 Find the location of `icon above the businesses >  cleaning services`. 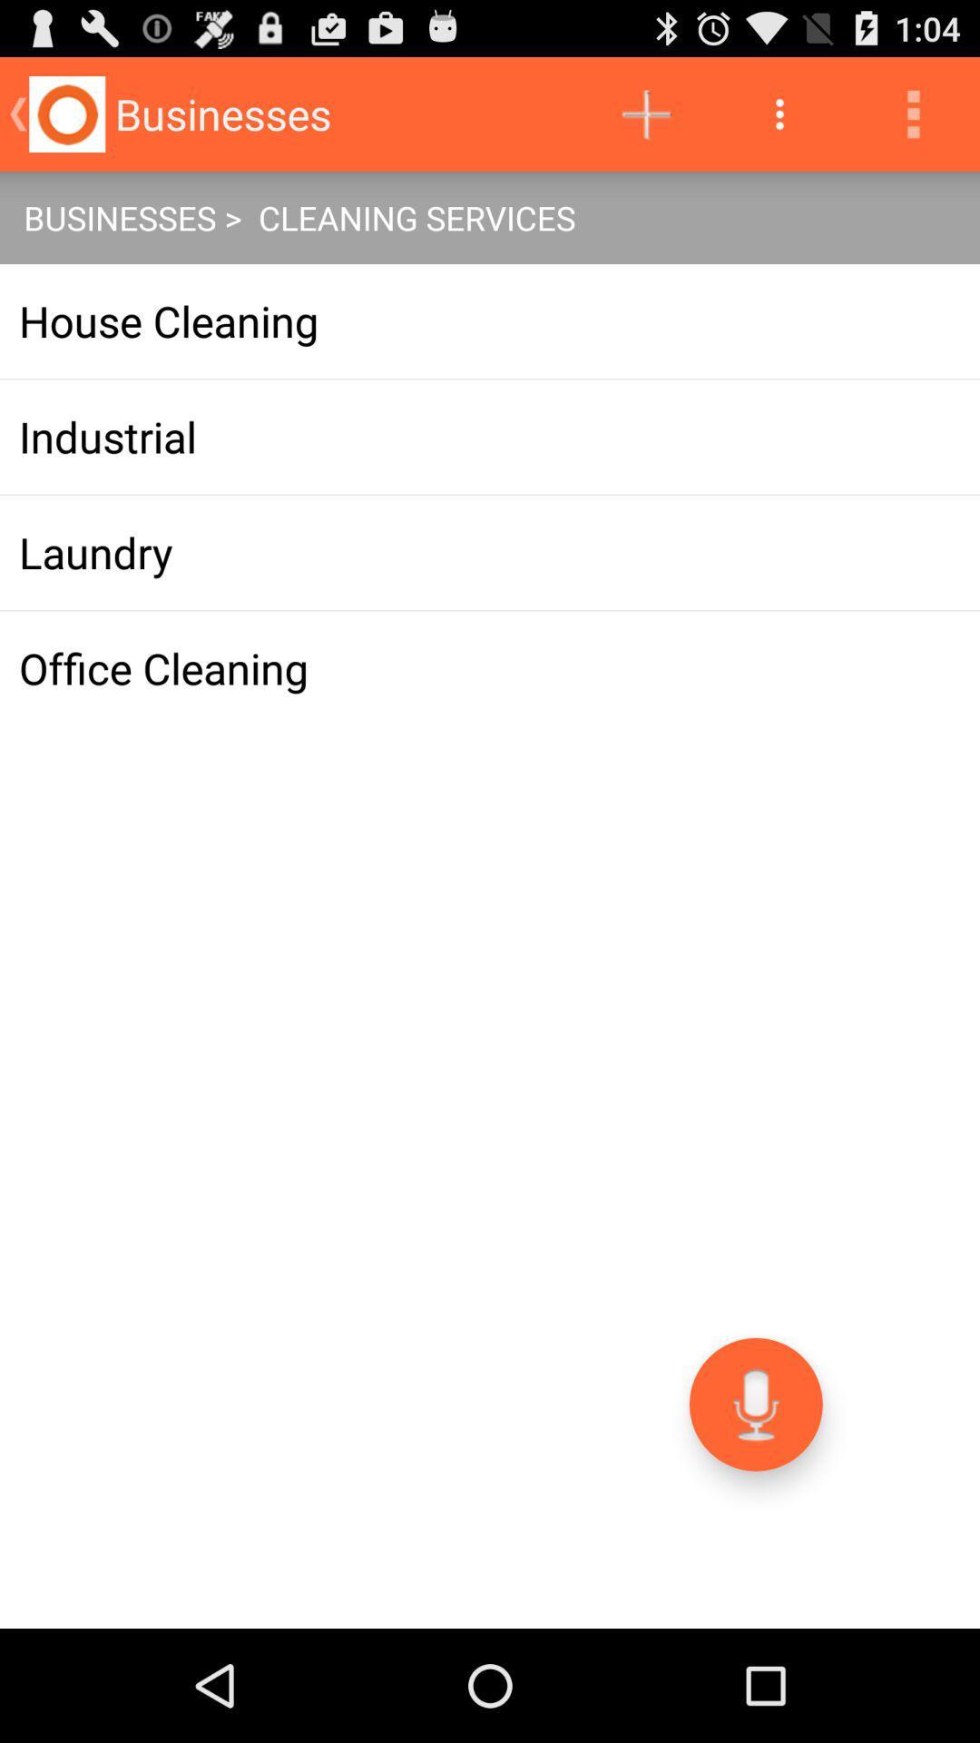

icon above the businesses >  cleaning services is located at coordinates (779, 113).